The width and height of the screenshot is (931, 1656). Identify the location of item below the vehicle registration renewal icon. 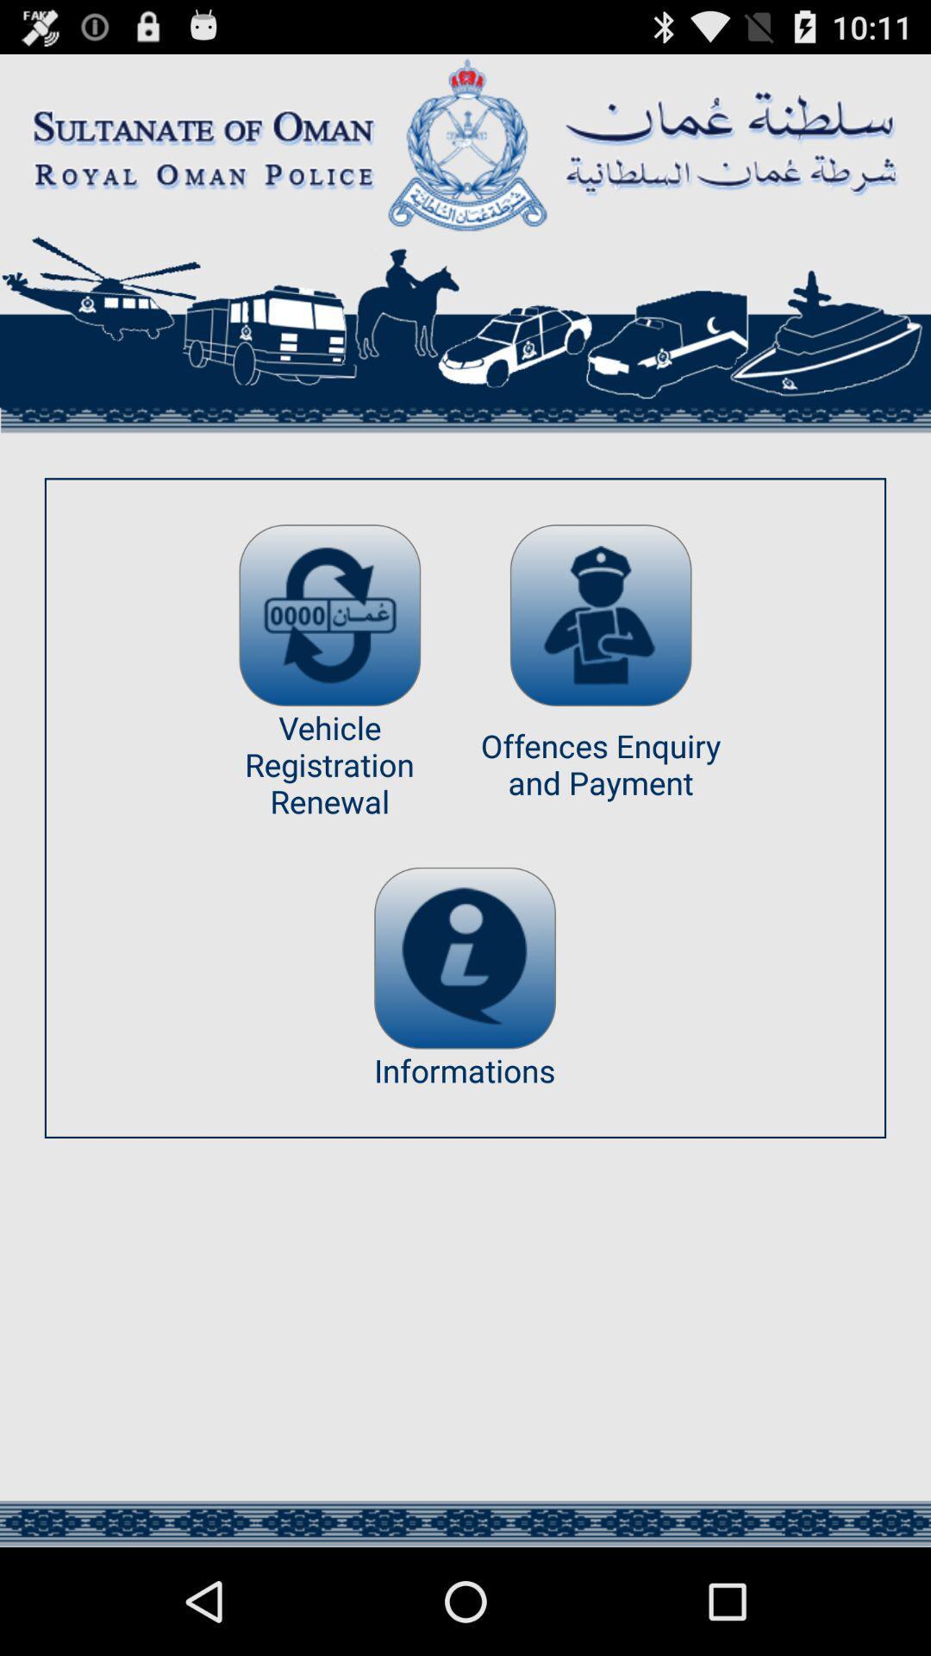
(464, 957).